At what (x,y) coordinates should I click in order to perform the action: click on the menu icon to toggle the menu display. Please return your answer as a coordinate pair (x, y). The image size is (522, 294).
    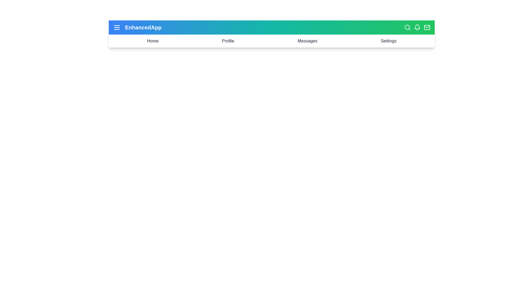
    Looking at the image, I should click on (117, 27).